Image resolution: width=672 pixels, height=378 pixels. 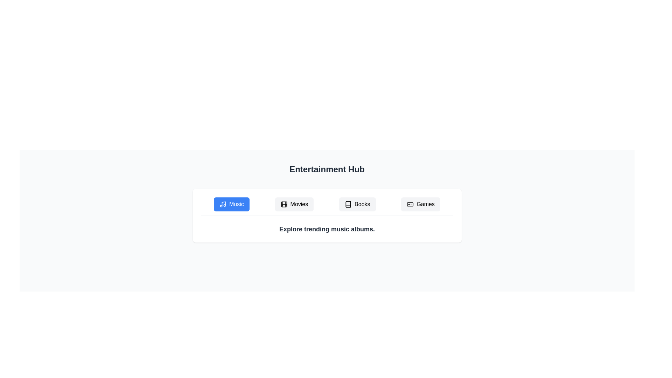 I want to click on the Games tab, so click(x=420, y=204).